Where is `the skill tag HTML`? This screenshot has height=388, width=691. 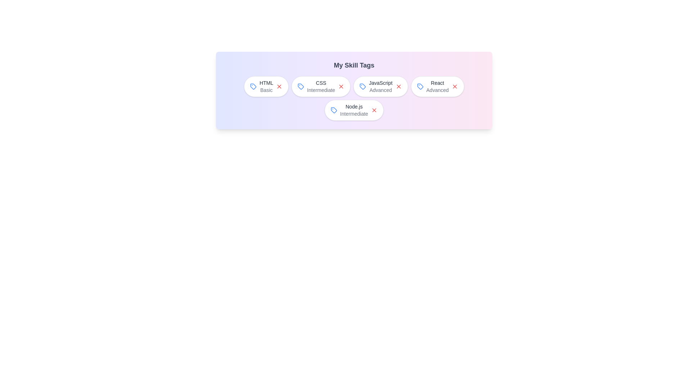
the skill tag HTML is located at coordinates (266, 86).